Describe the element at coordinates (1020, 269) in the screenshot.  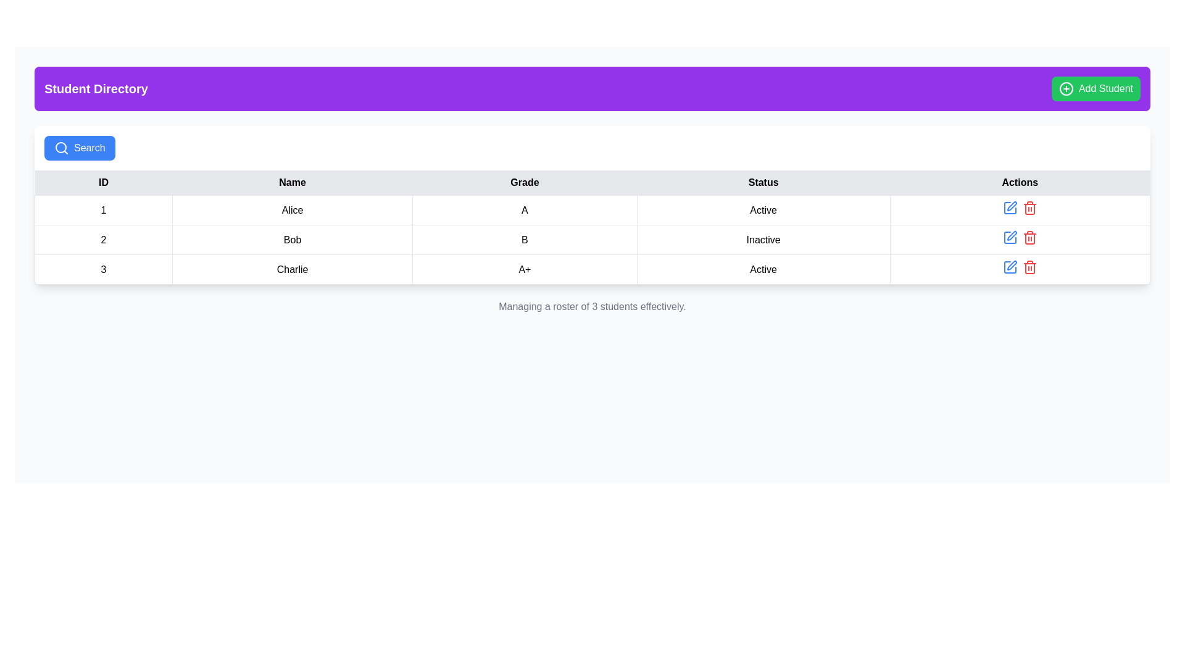
I see `the blue edit icon in the Actions column of the table cell for the student 'Charlie' in the third row` at that location.